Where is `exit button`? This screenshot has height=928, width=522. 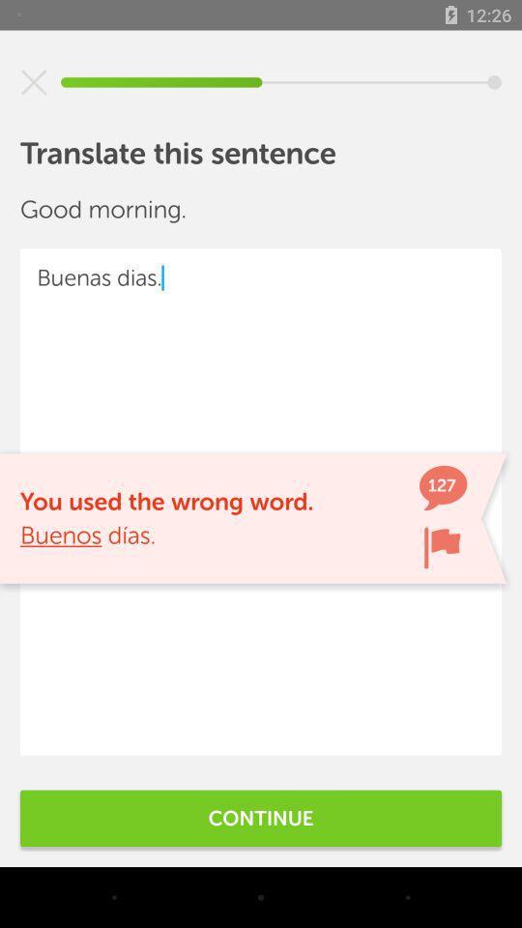 exit button is located at coordinates (34, 82).